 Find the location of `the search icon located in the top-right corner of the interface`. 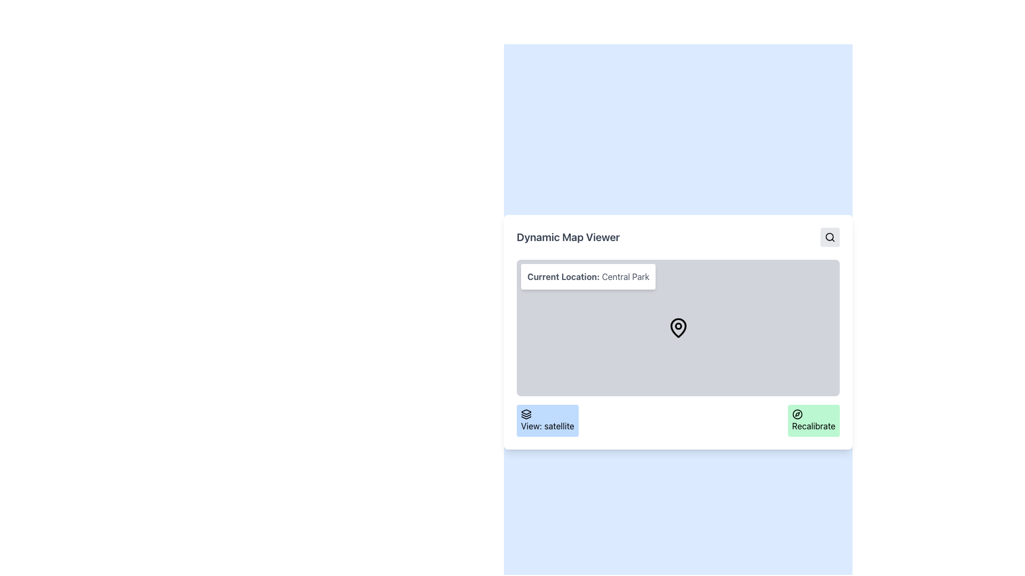

the search icon located in the top-right corner of the interface is located at coordinates (830, 236).